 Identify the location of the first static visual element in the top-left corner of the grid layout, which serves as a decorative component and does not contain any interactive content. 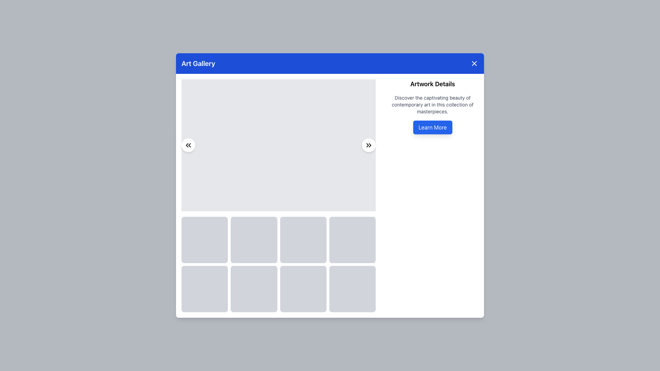
(204, 239).